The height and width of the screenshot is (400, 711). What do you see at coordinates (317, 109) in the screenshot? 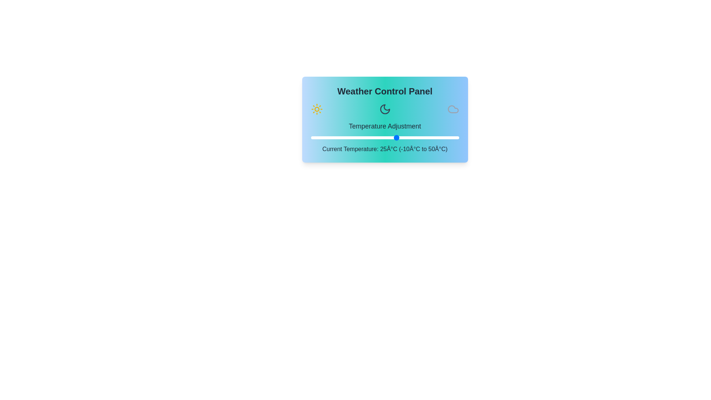
I see `the sun icon to interact with it` at bounding box center [317, 109].